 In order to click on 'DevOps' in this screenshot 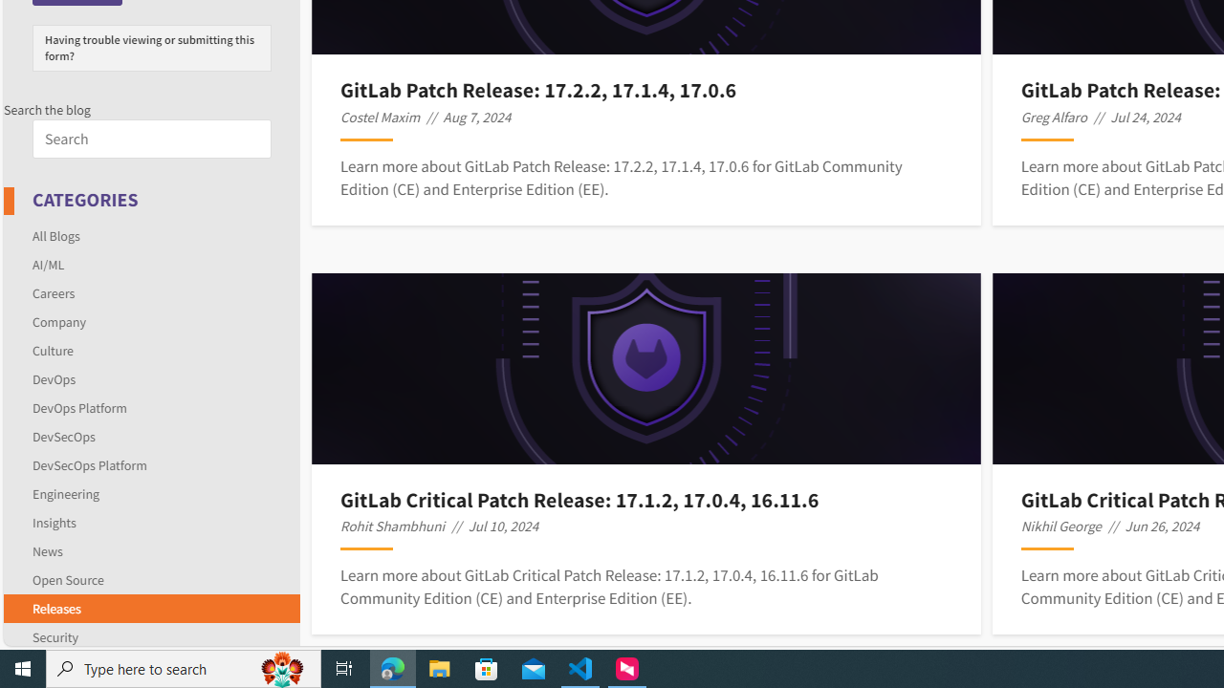, I will do `click(54, 378)`.